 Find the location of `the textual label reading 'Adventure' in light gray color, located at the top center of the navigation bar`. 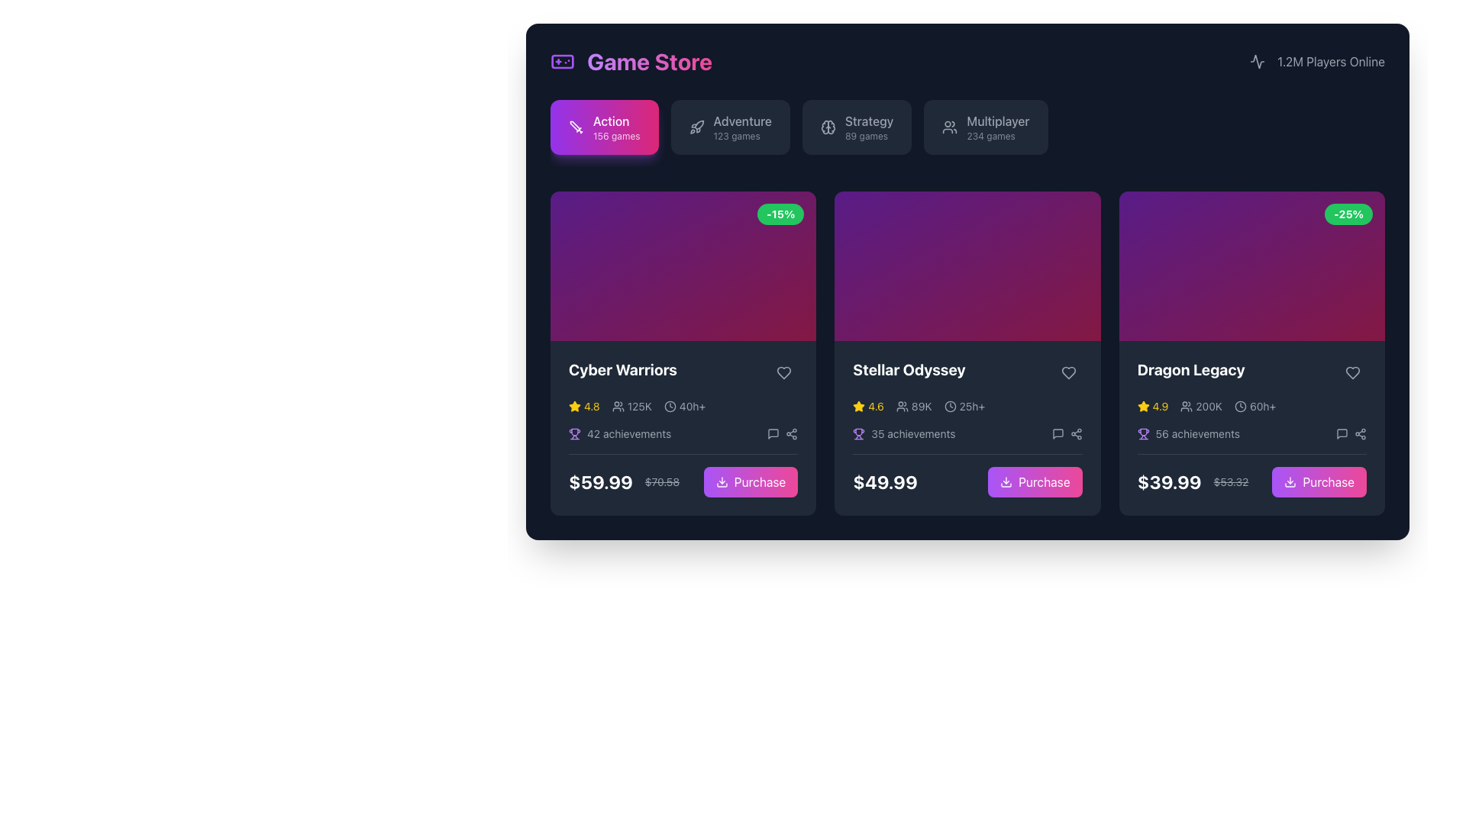

the textual label reading 'Adventure' in light gray color, located at the top center of the navigation bar is located at coordinates (742, 120).